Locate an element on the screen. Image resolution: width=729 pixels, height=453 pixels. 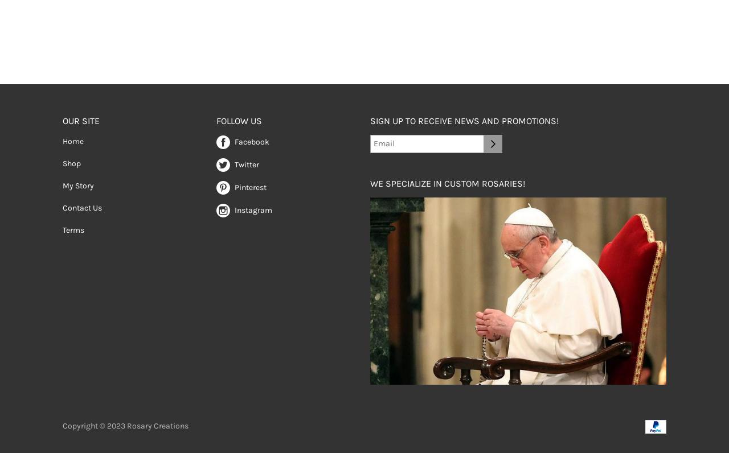
'Home' is located at coordinates (72, 141).